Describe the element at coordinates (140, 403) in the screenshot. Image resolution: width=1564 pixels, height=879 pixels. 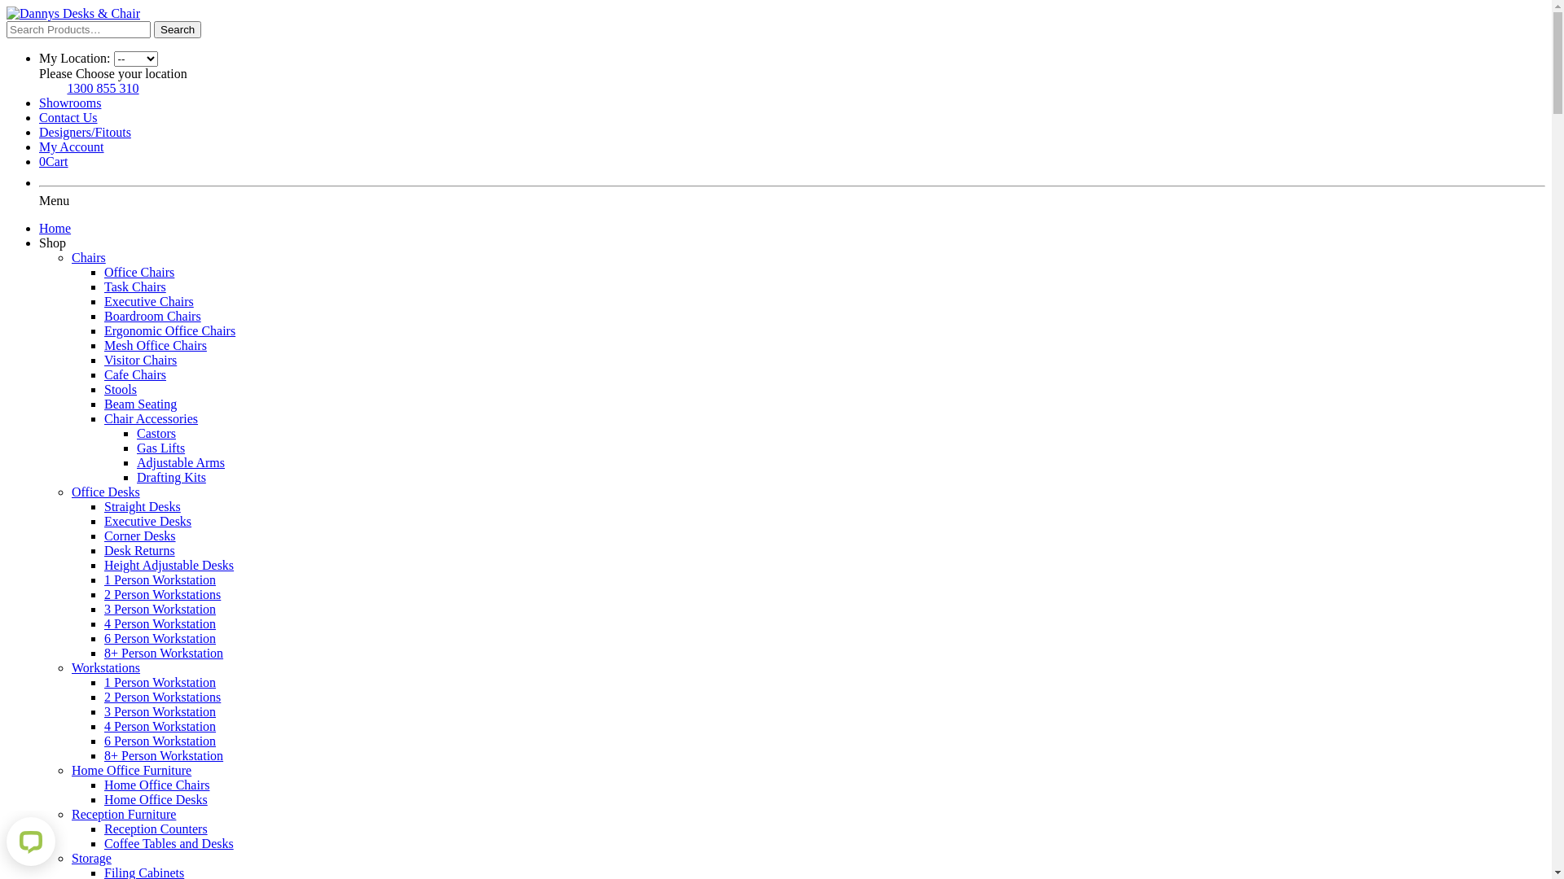
I see `'Beam Seating'` at that location.